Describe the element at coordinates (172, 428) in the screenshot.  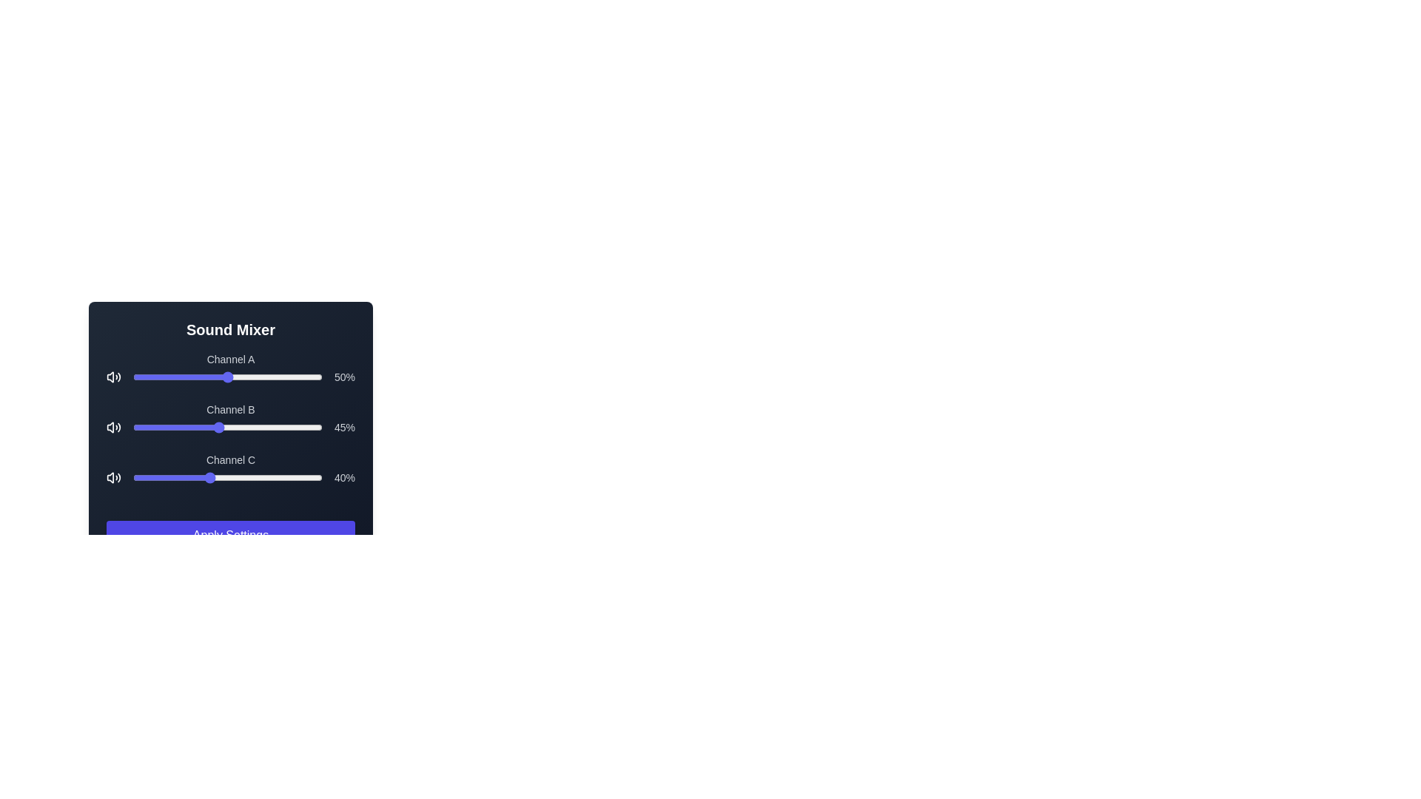
I see `the Channel B volume` at that location.